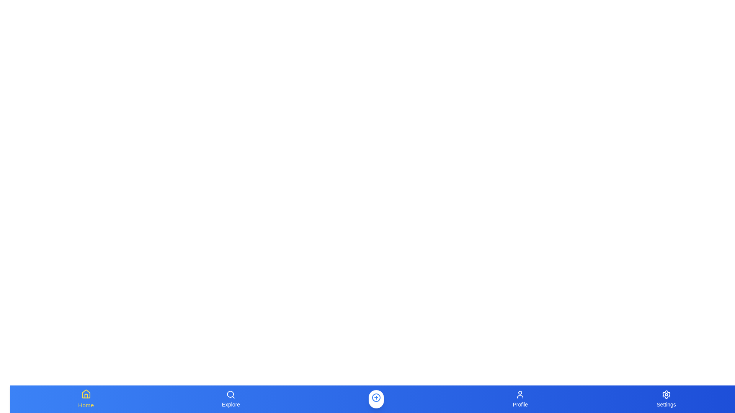 The height and width of the screenshot is (413, 735). Describe the element at coordinates (86, 399) in the screenshot. I see `the Home button in the navigation bar to navigate to the corresponding section` at that location.